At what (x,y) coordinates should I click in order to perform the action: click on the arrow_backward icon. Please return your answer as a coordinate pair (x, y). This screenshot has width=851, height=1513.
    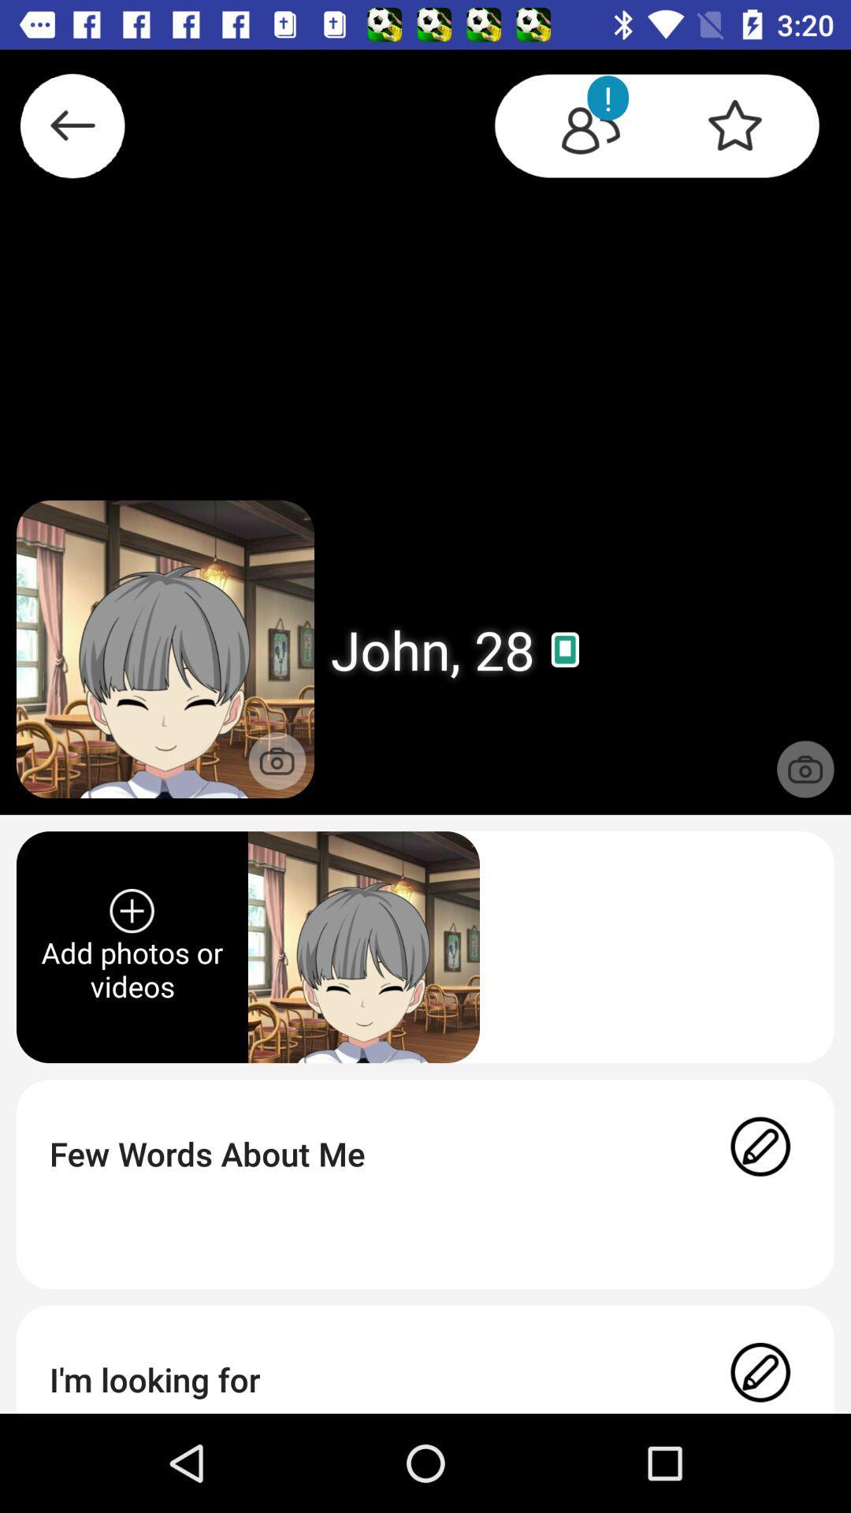
    Looking at the image, I should click on (72, 132).